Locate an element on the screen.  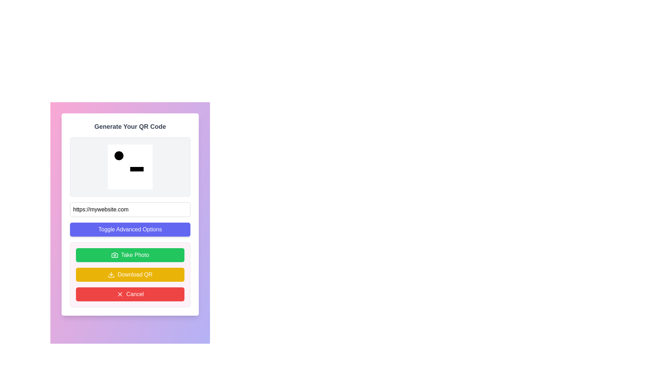
the 'Cancel' button, which has a red background and white text, to observe its hover effects is located at coordinates (130, 294).